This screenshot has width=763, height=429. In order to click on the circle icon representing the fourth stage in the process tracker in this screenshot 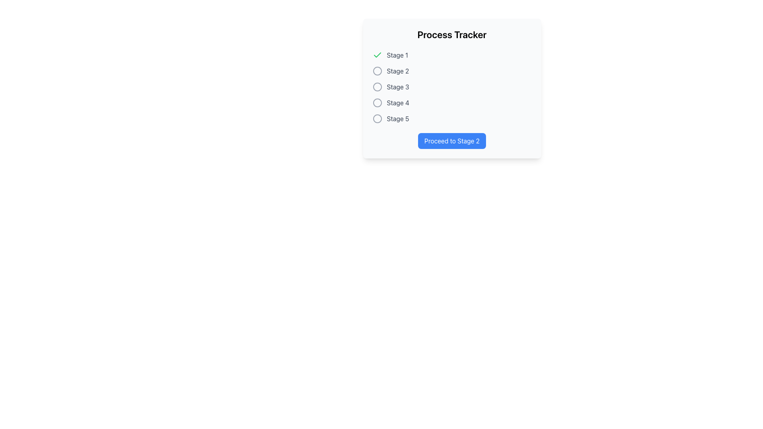, I will do `click(377, 102)`.